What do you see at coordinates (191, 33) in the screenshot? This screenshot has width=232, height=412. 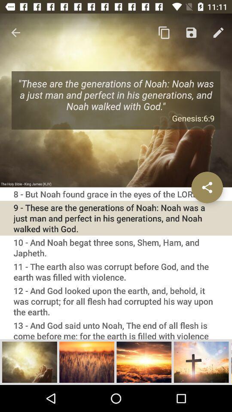 I see `the second icon which is at the top right` at bounding box center [191, 33].